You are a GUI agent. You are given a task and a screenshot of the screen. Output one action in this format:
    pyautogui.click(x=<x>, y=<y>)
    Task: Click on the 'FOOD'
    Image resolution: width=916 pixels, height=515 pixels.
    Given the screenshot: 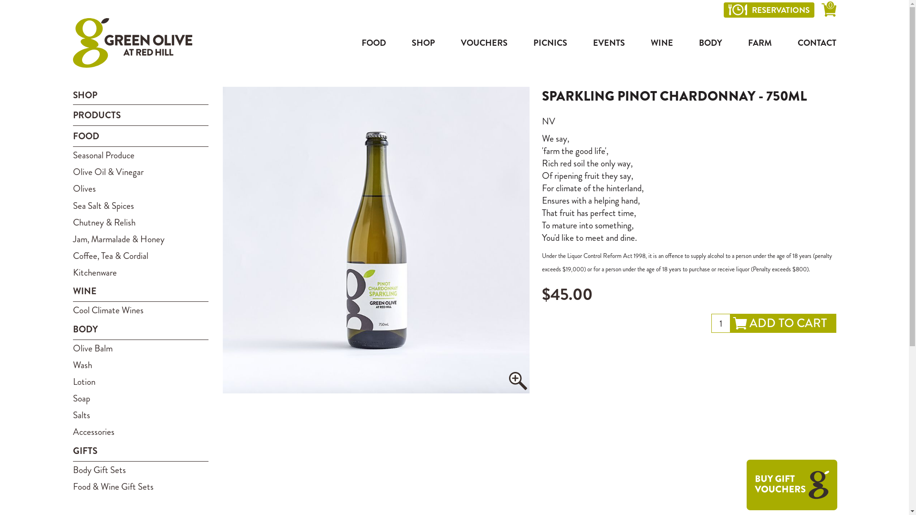 What is the action you would take?
    pyautogui.click(x=352, y=42)
    